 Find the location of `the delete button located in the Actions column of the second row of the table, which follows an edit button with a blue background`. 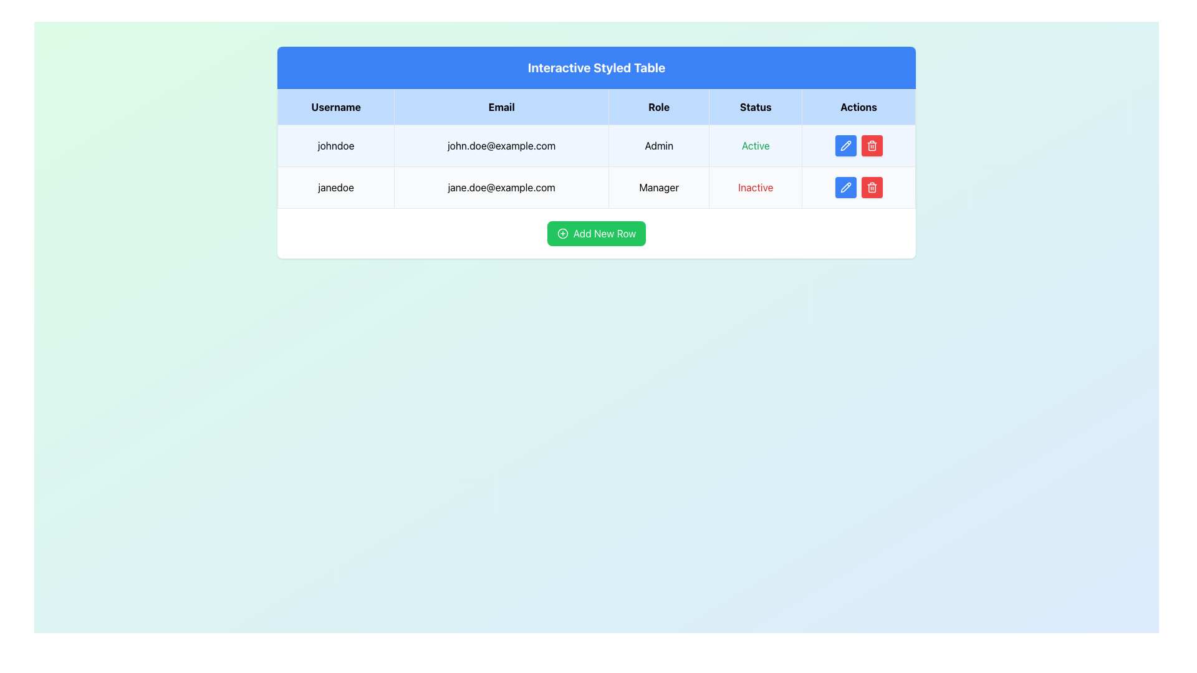

the delete button located in the Actions column of the second row of the table, which follows an edit button with a blue background is located at coordinates (871, 145).